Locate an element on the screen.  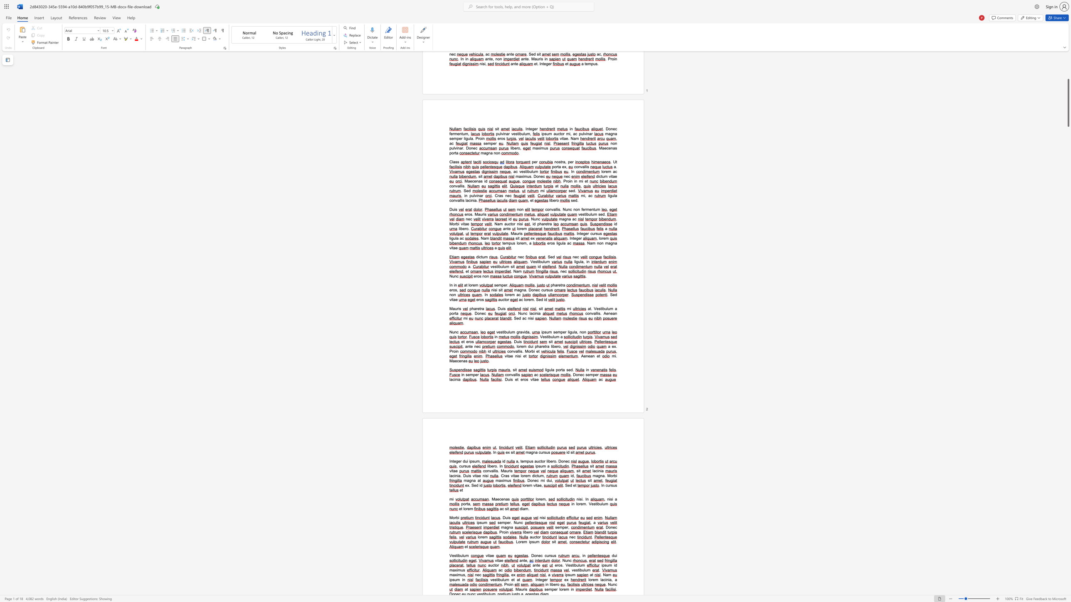
the 1th character "r" in the text is located at coordinates (544, 461).